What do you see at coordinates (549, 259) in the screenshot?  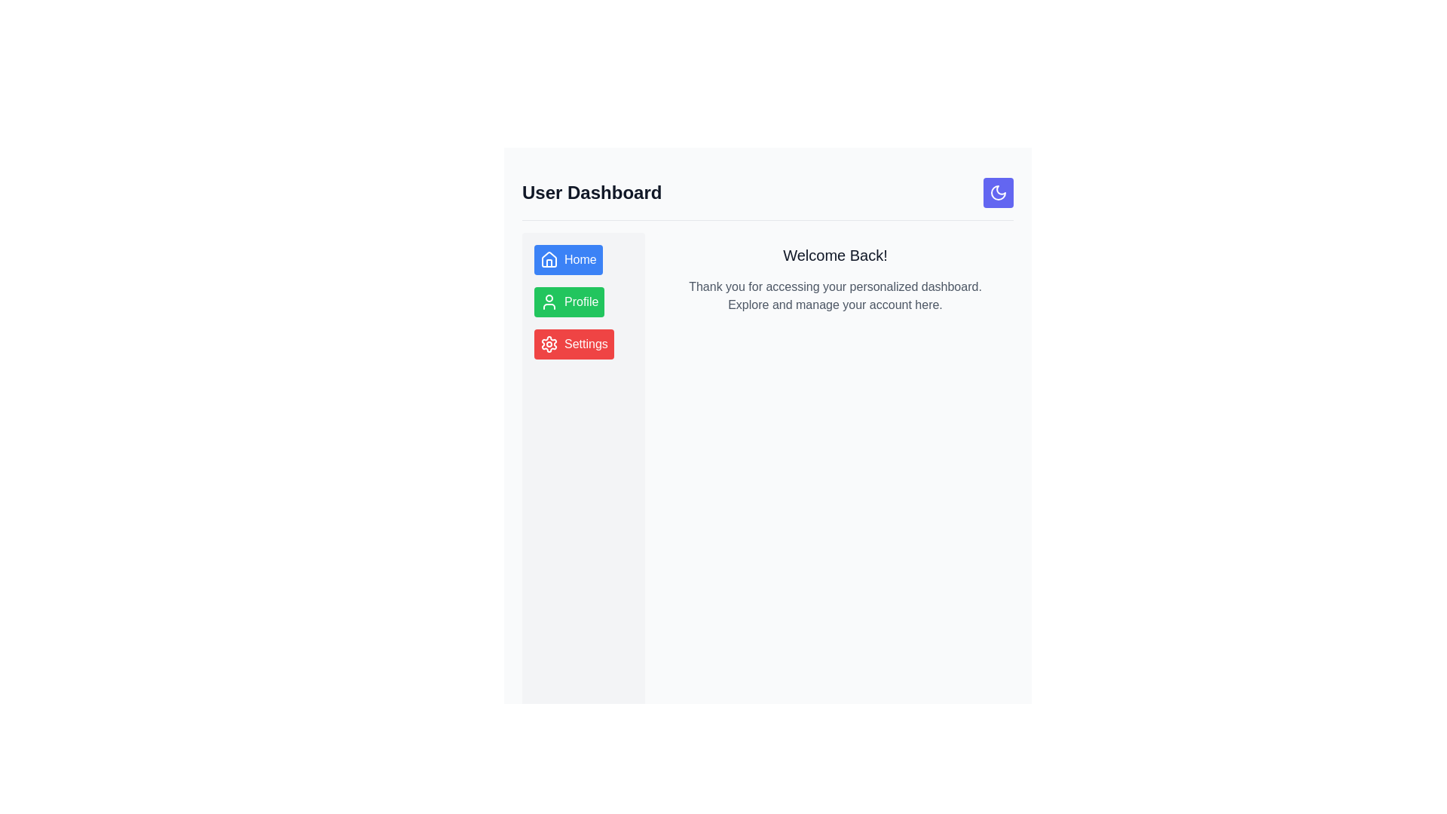 I see `the house-shaped icon within the blue 'Home' button` at bounding box center [549, 259].